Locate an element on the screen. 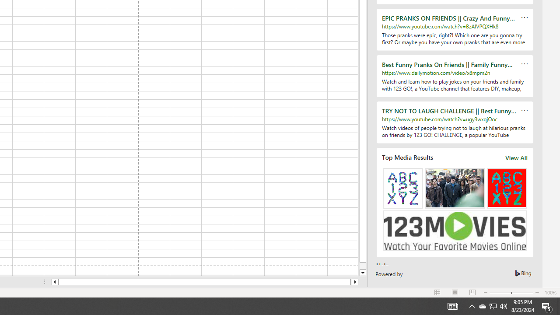 Image resolution: width=560 pixels, height=315 pixels. 'Page Layout' is located at coordinates (455, 293).